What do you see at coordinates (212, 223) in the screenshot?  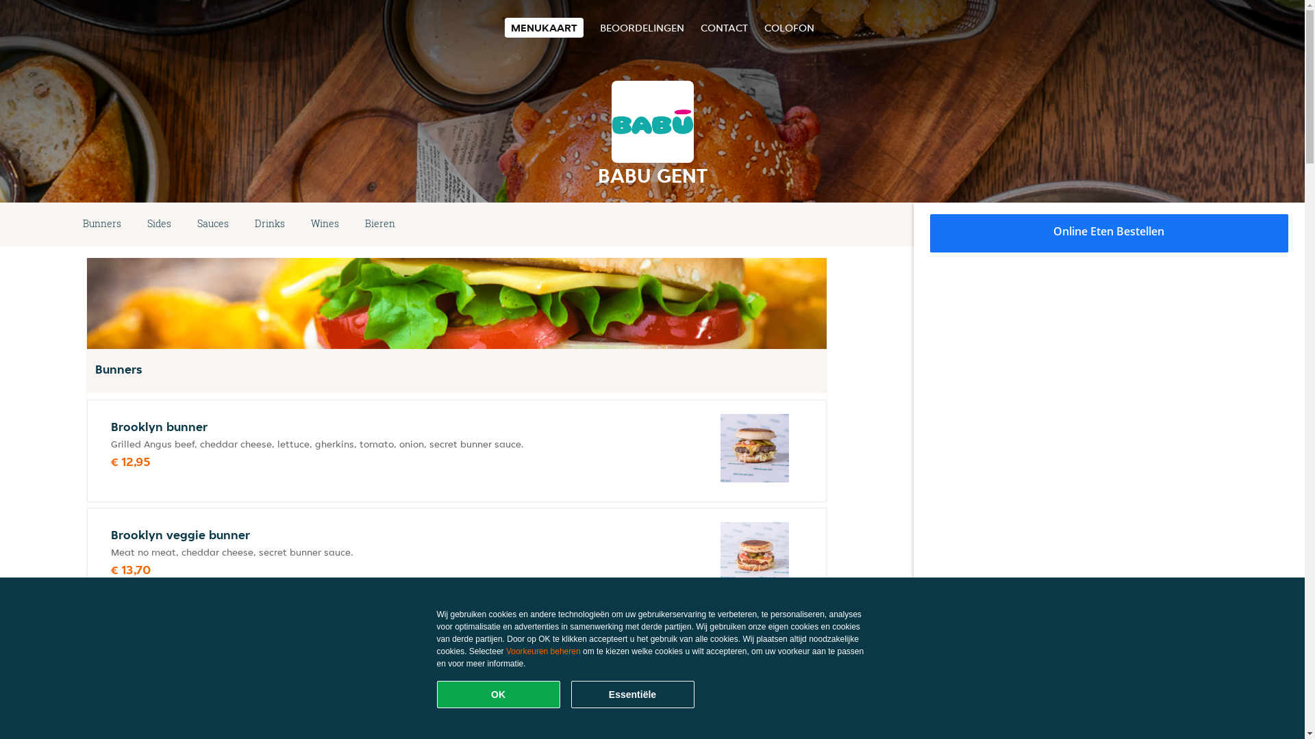 I see `'Sauces'` at bounding box center [212, 223].